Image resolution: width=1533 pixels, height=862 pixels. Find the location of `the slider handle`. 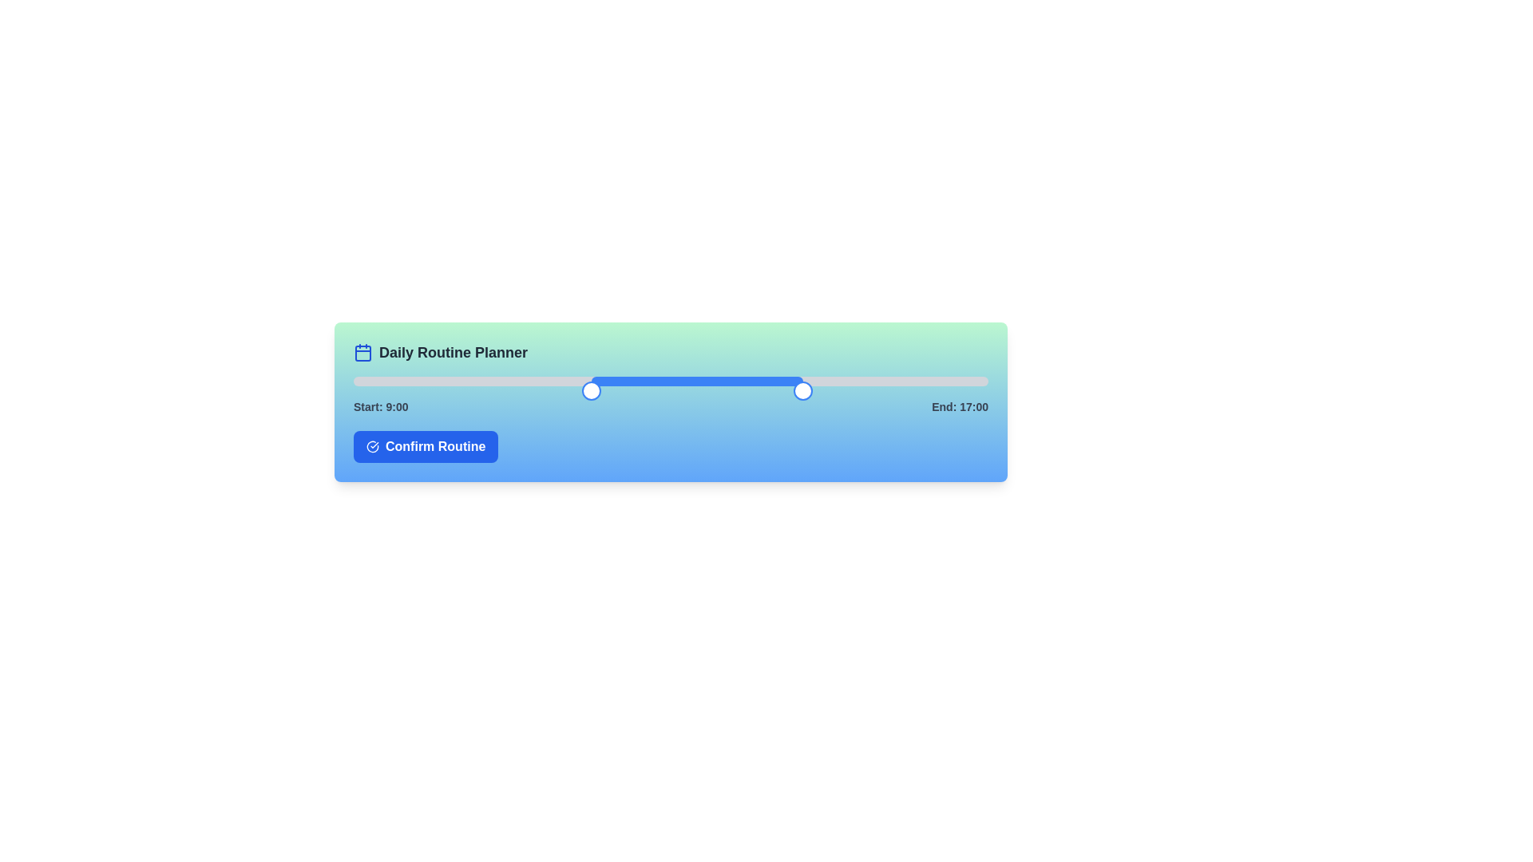

the slider handle is located at coordinates (718, 390).